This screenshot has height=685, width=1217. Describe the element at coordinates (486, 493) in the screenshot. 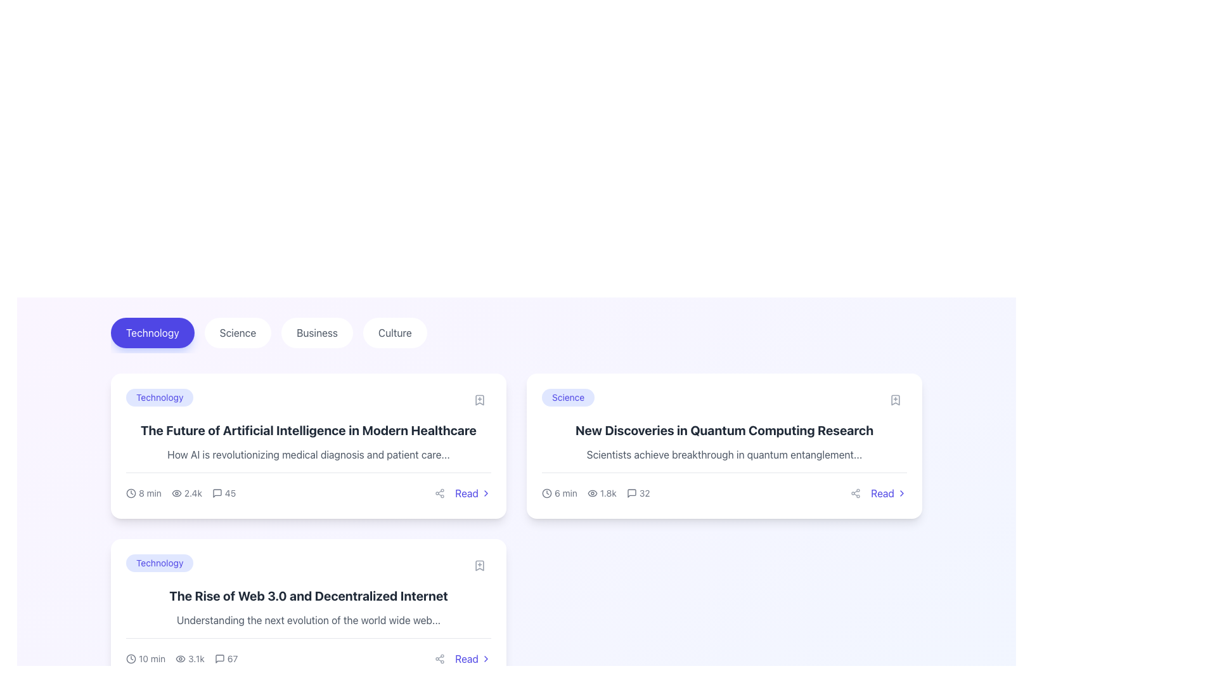

I see `the right-pointing chevron icon located to the right of the 'Read' button in the card titled 'The Future of Artificial Intelligence in Modern Healthcare' to potentially trigger a tooltip or visual feedback` at that location.